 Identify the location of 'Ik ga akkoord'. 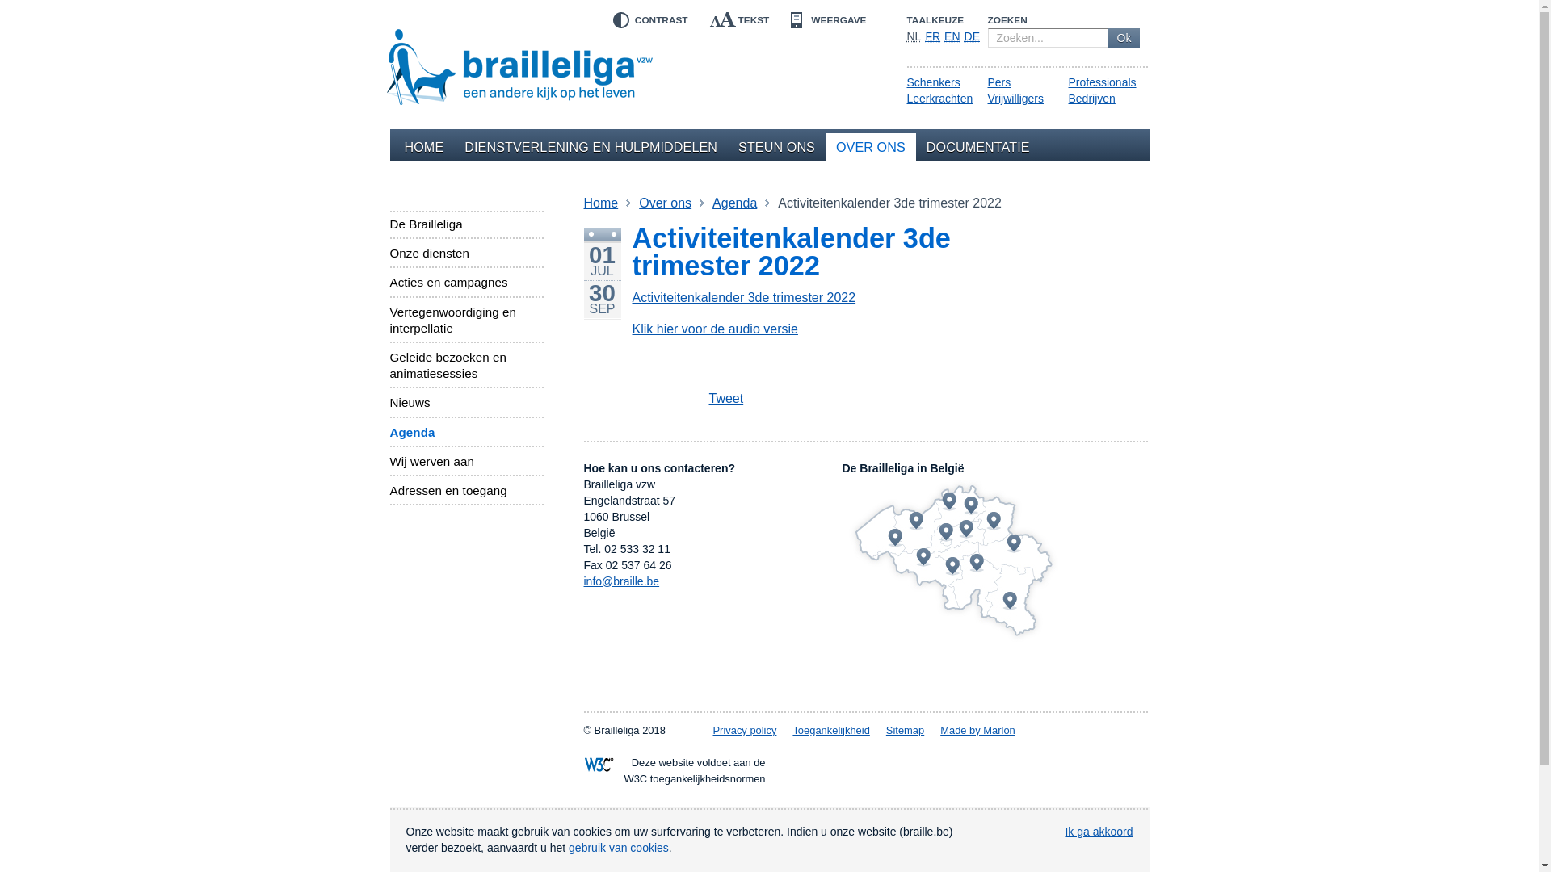
(1098, 831).